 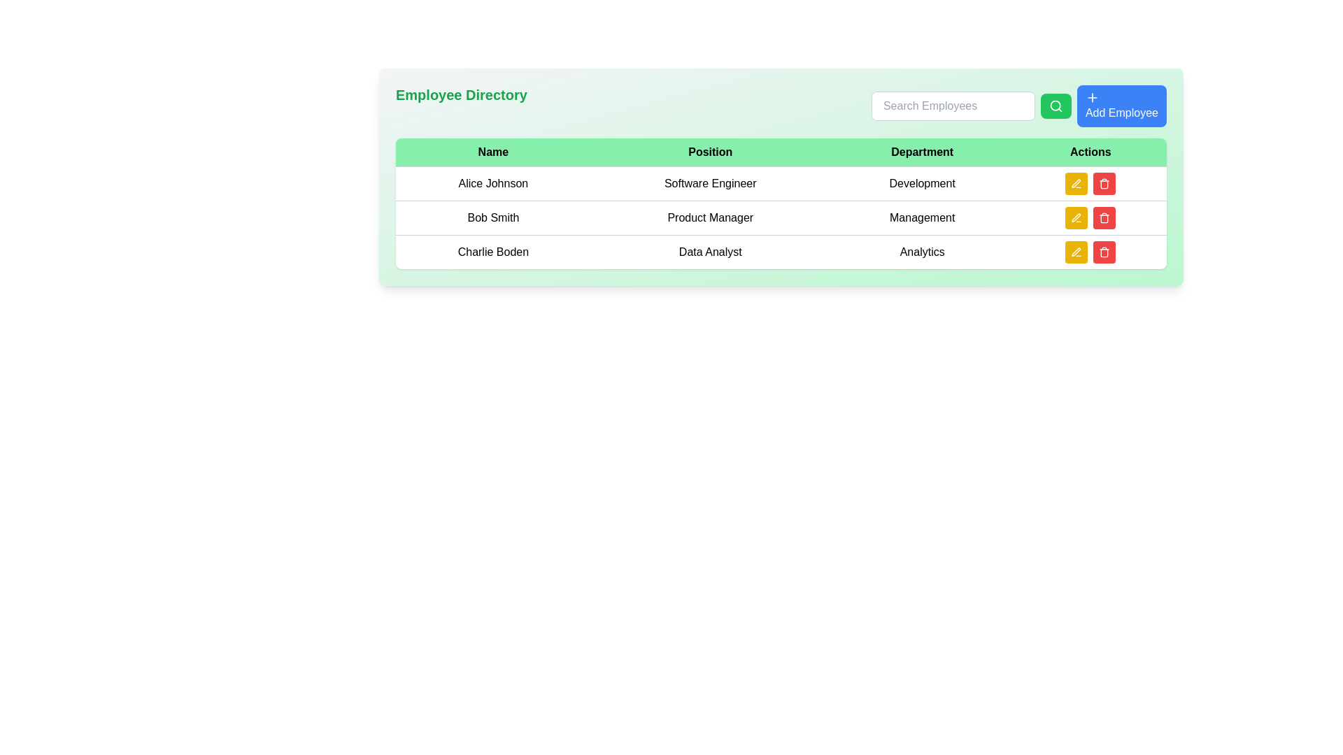 What do you see at coordinates (1076, 182) in the screenshot?
I see `the first button in the 'Actions' column of the first row in the table` at bounding box center [1076, 182].